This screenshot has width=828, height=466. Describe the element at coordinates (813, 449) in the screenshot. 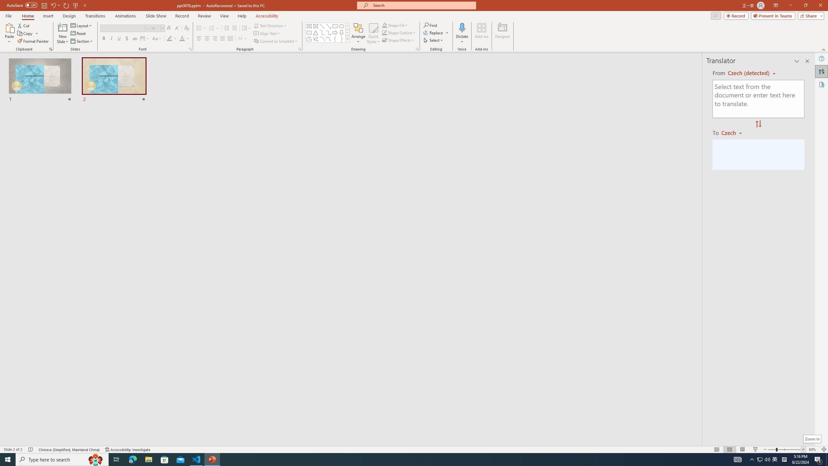

I see `'Zoom 60%'` at that location.